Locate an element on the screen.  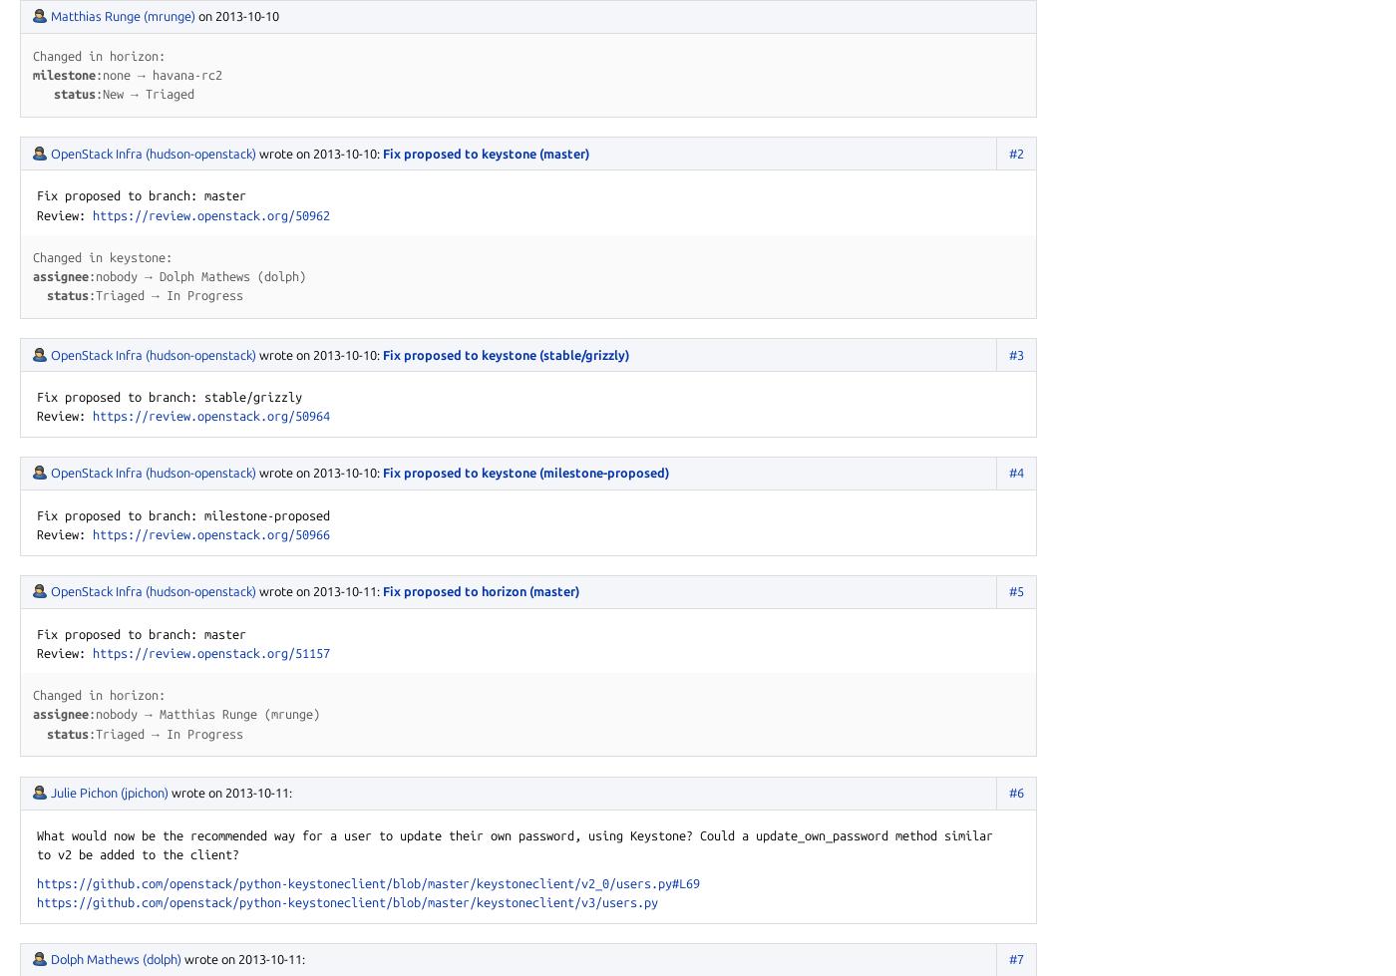
'#5' is located at coordinates (1016, 589).